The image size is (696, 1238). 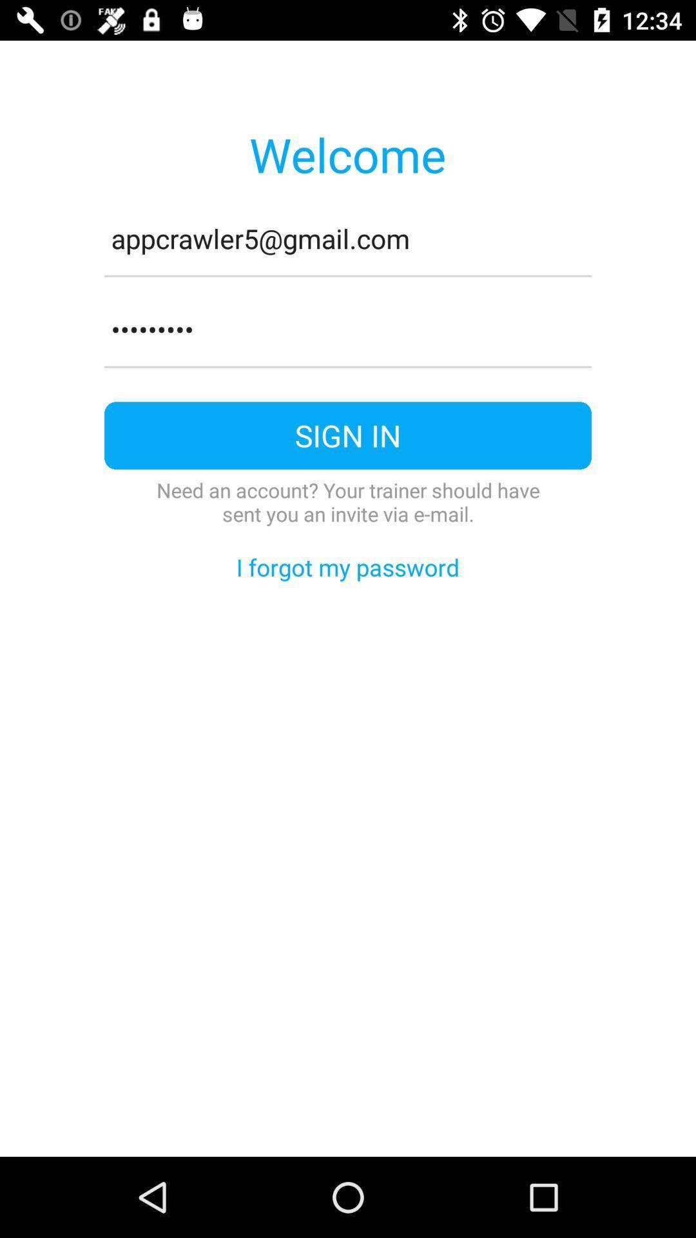 I want to click on item below the crowd3116 item, so click(x=348, y=366).